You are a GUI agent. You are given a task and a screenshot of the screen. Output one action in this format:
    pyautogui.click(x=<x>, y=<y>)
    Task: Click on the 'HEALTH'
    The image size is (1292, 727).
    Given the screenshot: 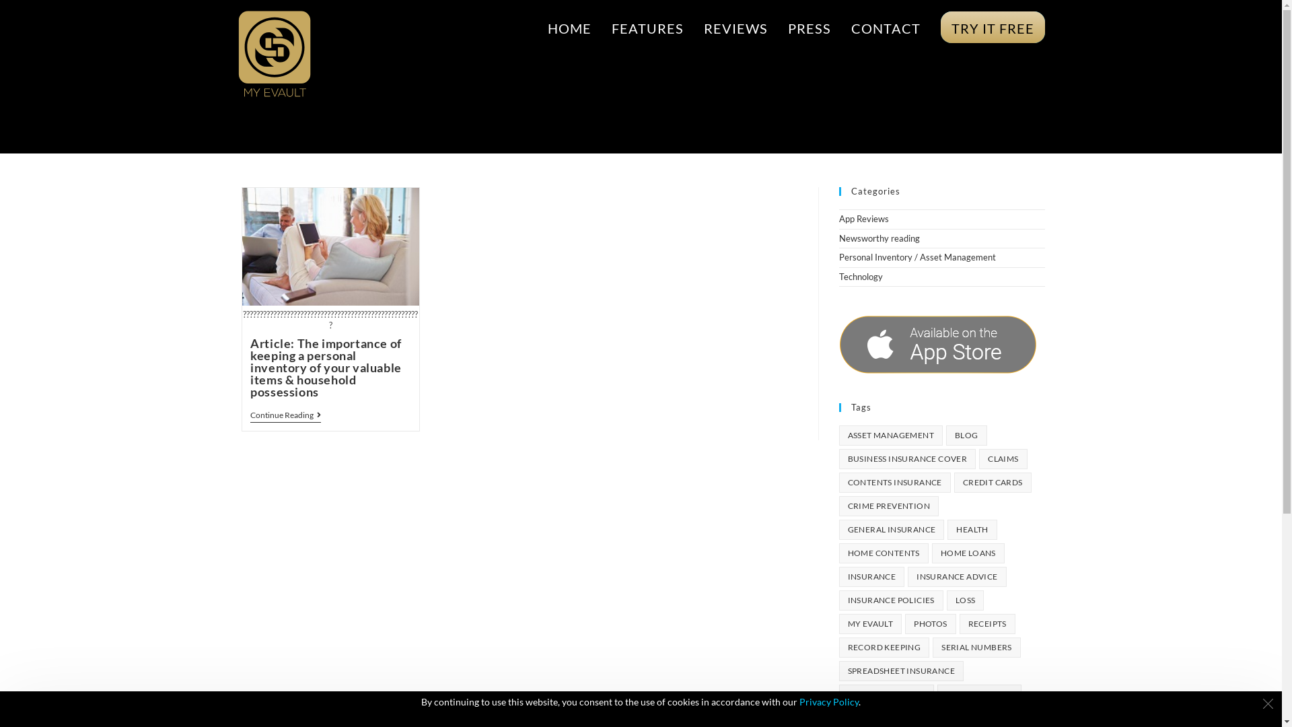 What is the action you would take?
    pyautogui.click(x=972, y=528)
    